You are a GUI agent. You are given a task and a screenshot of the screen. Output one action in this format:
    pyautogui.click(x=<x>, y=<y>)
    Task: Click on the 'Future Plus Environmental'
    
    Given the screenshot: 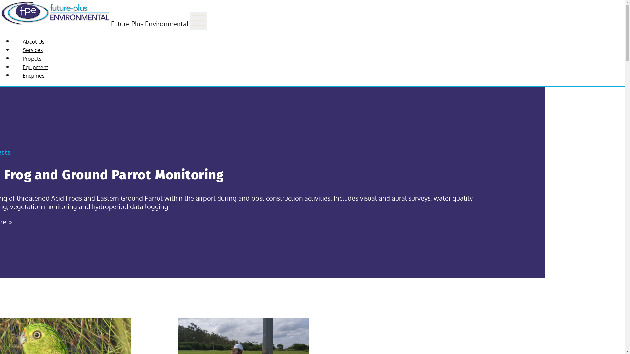 What is the action you would take?
    pyautogui.click(x=94, y=23)
    